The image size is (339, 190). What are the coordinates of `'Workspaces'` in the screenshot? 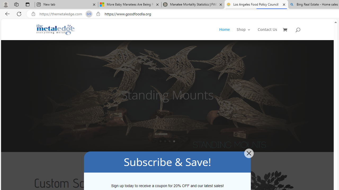 It's located at (16, 4).